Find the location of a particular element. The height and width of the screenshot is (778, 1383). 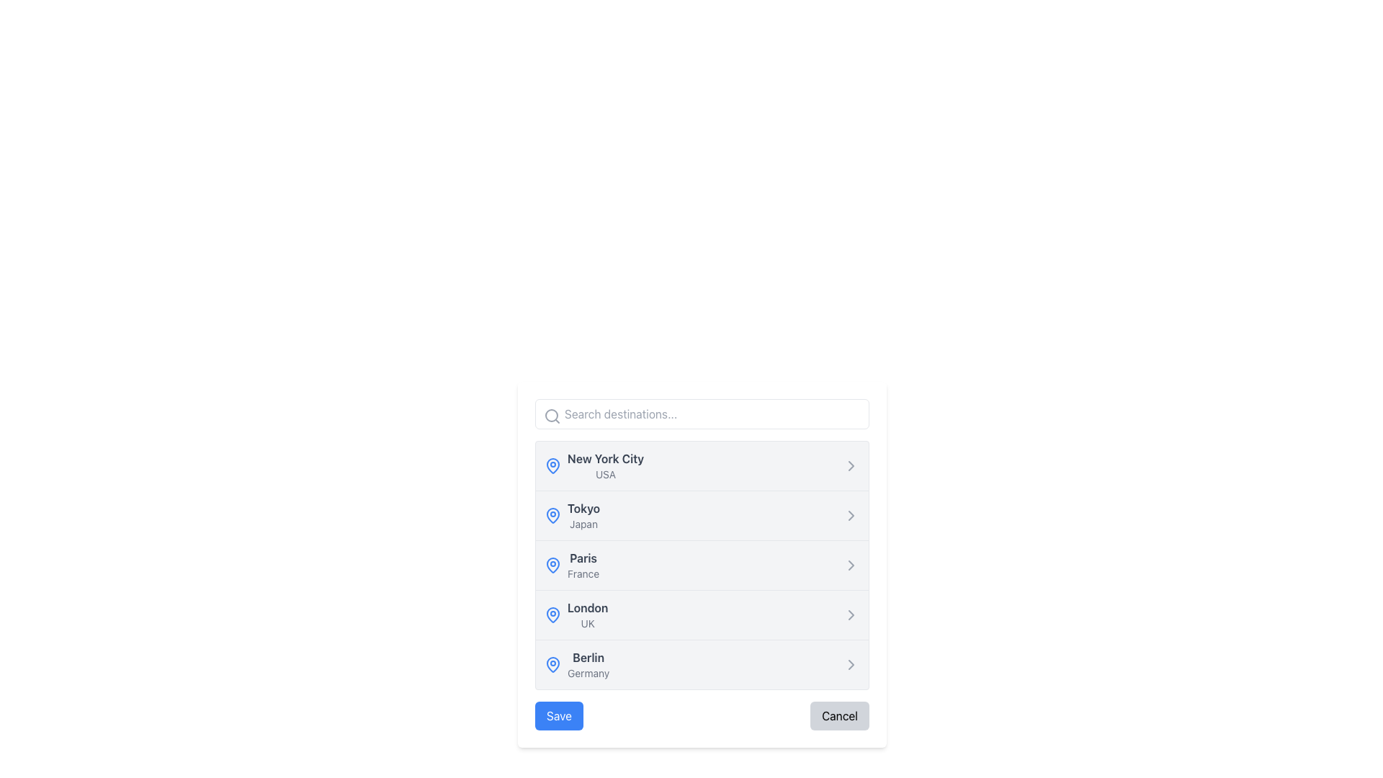

the second list item labeled 'Tokyo, Japan' is located at coordinates (702, 514).